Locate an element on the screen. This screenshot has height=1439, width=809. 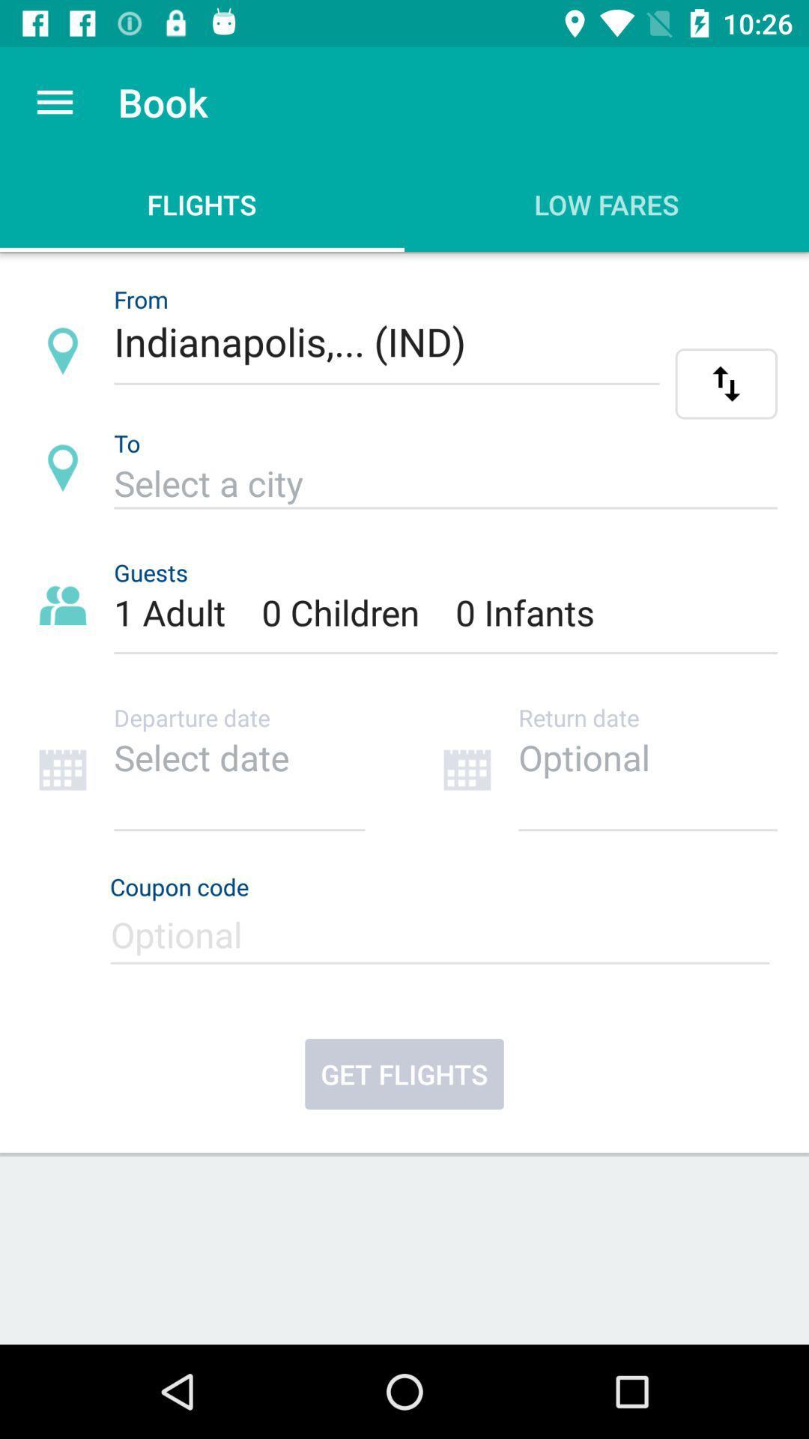
scroll up or down is located at coordinates (725, 384).